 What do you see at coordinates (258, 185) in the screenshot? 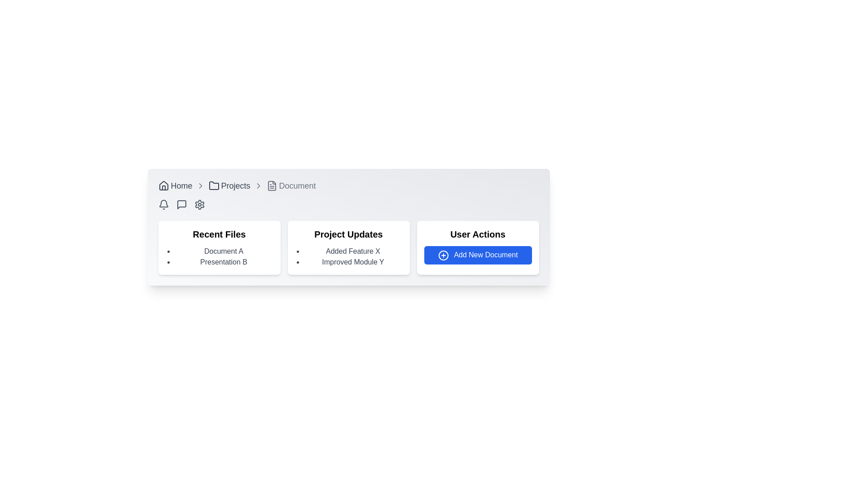
I see `third chevron icon in the breadcrumb navigation bar located to the right of the 'Projects' link and to the left of the 'Document' link for its properties` at bounding box center [258, 185].